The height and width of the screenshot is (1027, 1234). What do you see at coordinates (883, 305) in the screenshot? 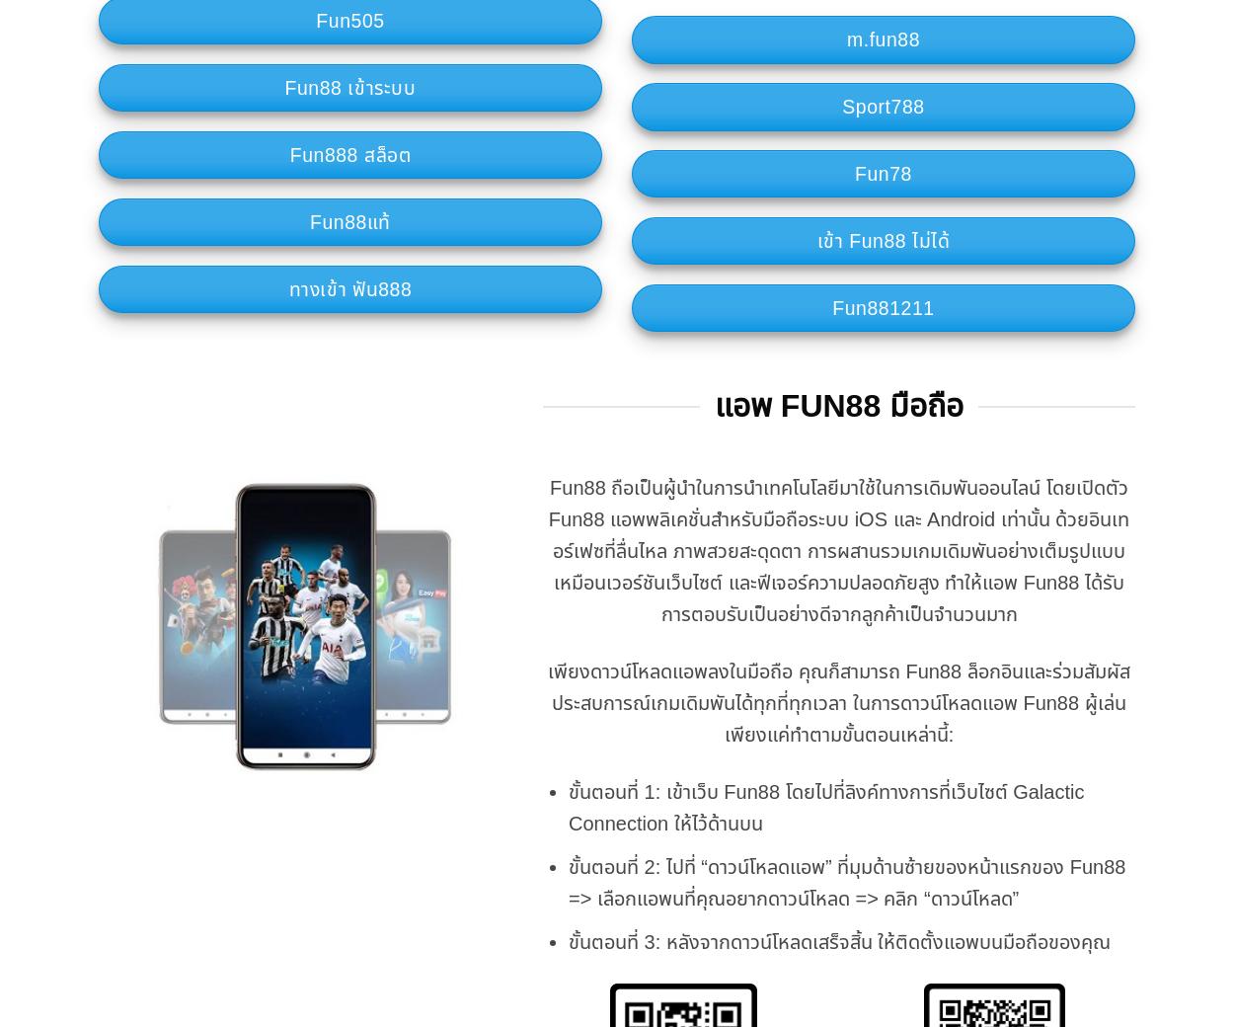
I see `'Fun881211'` at bounding box center [883, 305].